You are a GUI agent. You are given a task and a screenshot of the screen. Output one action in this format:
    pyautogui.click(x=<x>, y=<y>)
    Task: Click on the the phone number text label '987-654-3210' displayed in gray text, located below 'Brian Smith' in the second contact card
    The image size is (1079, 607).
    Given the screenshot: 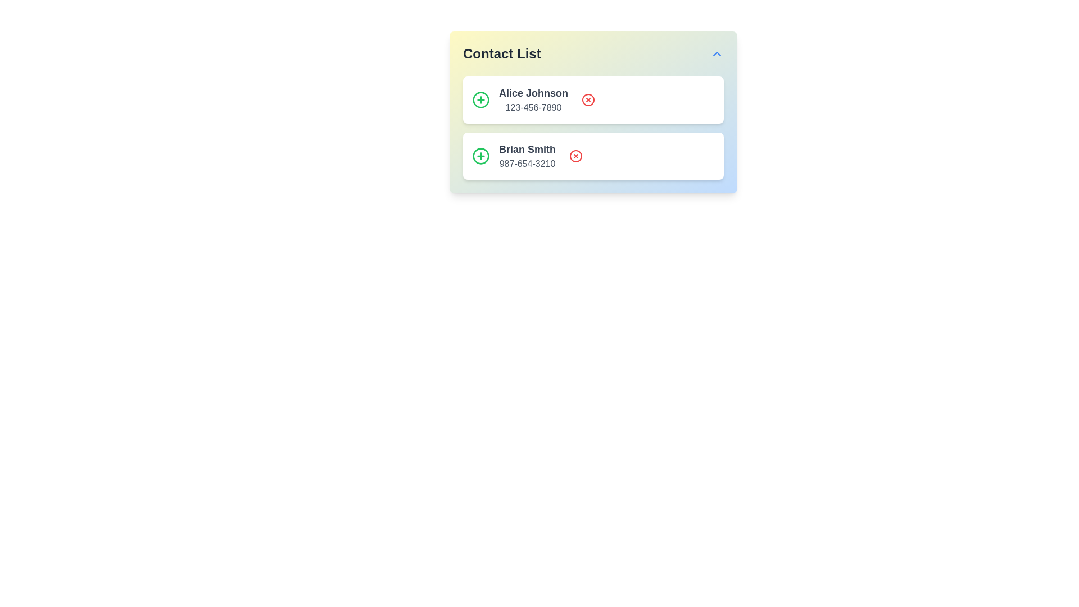 What is the action you would take?
    pyautogui.click(x=527, y=164)
    